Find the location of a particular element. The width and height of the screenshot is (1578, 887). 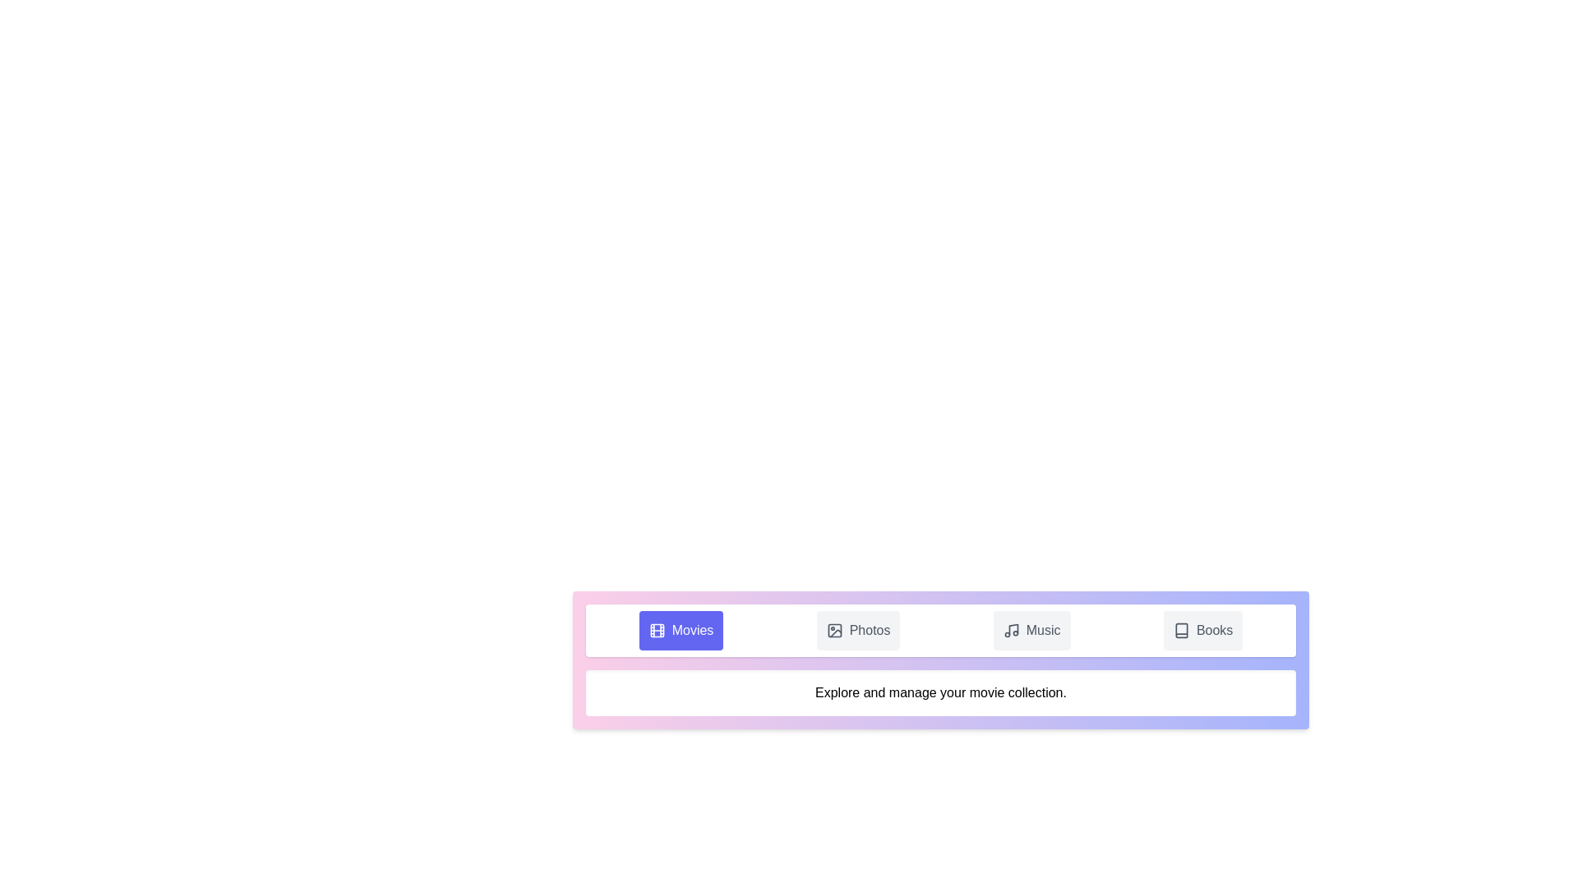

the Photos tab by clicking on its button is located at coordinates (857, 629).